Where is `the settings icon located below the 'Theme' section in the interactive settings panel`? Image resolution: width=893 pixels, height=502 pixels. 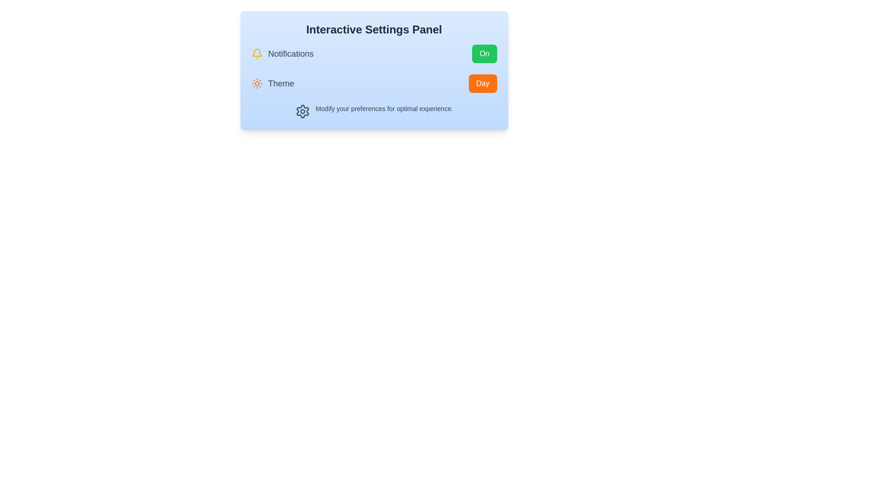 the settings icon located below the 'Theme' section in the interactive settings panel is located at coordinates (302, 111).